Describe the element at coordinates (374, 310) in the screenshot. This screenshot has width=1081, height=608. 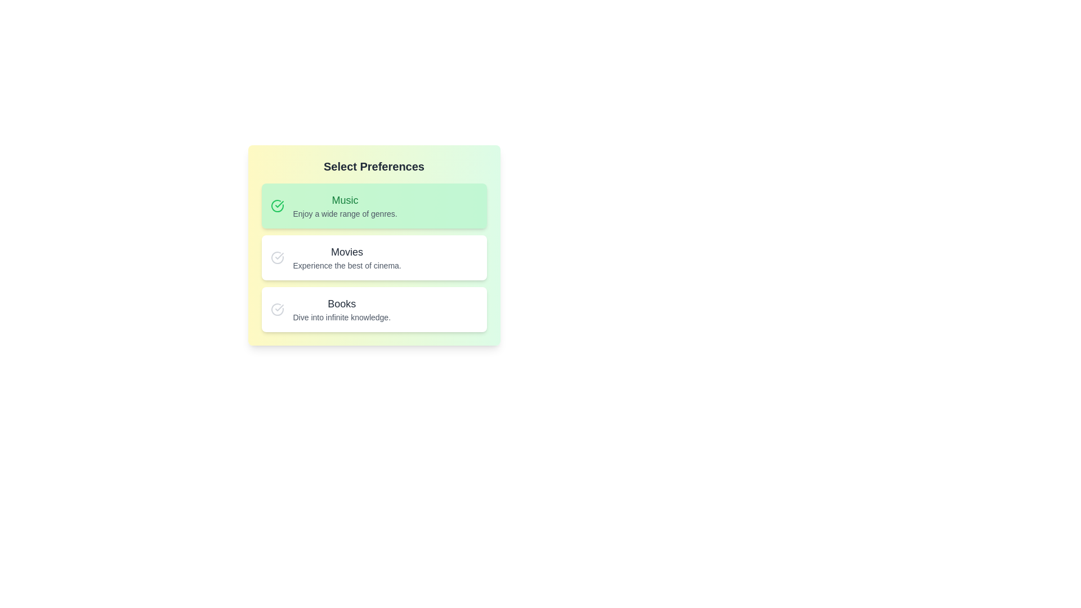
I see `the preference Books` at that location.